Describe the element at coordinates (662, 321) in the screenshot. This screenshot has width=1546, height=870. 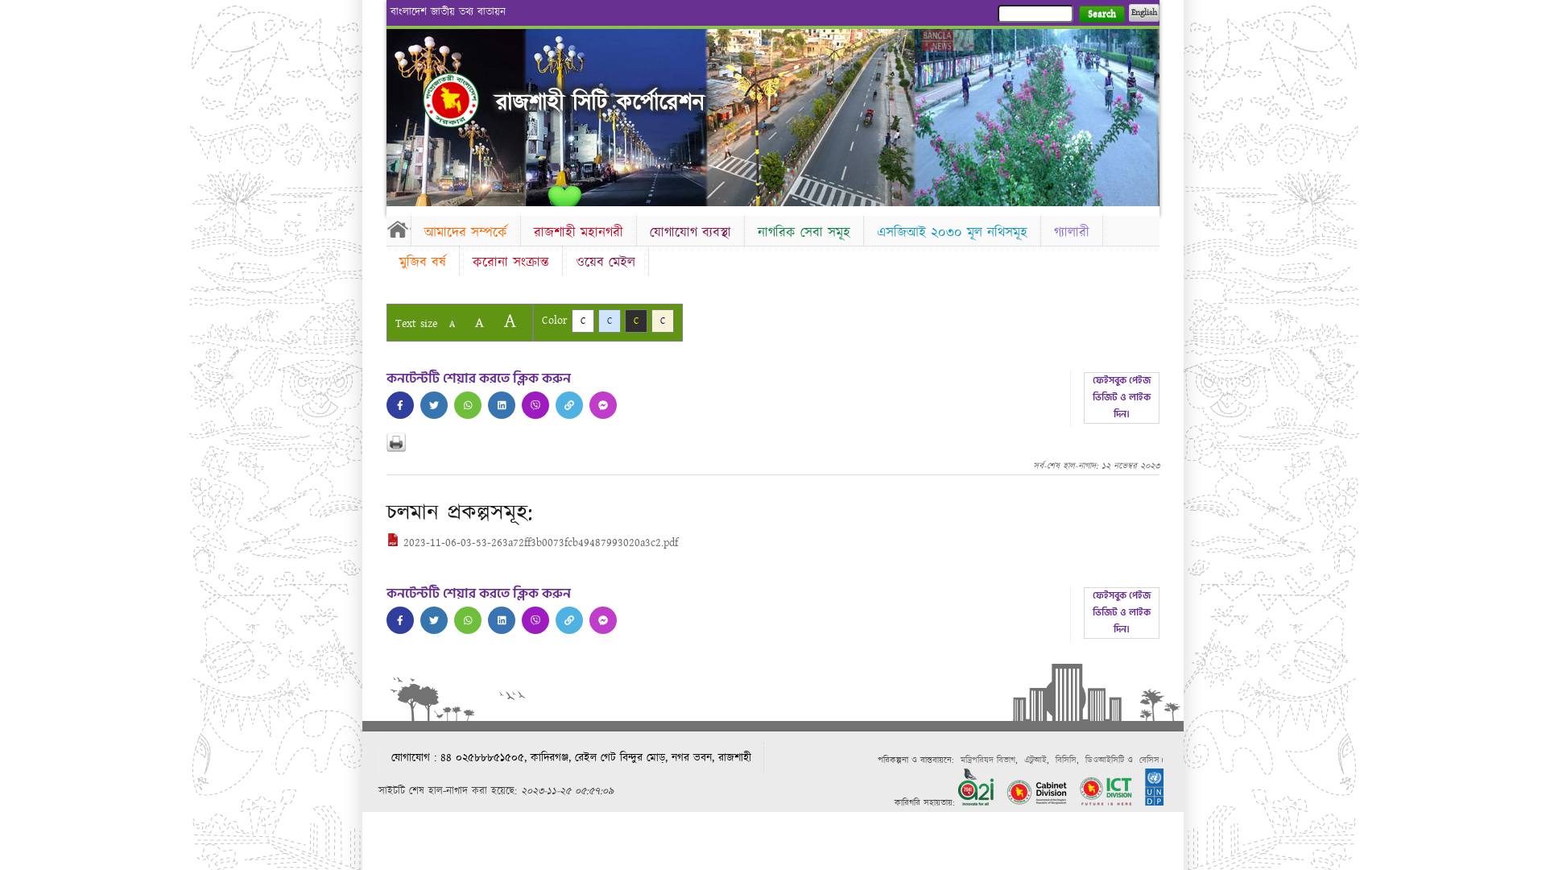
I see `'C'` at that location.